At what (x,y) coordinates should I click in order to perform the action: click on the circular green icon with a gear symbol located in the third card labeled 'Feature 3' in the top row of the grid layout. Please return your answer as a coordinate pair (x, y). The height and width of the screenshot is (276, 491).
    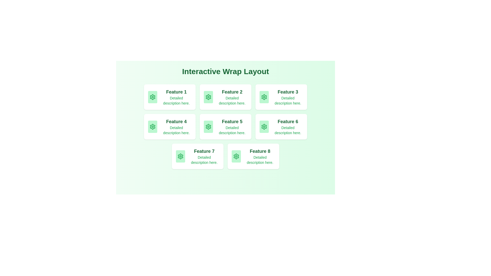
    Looking at the image, I should click on (264, 97).